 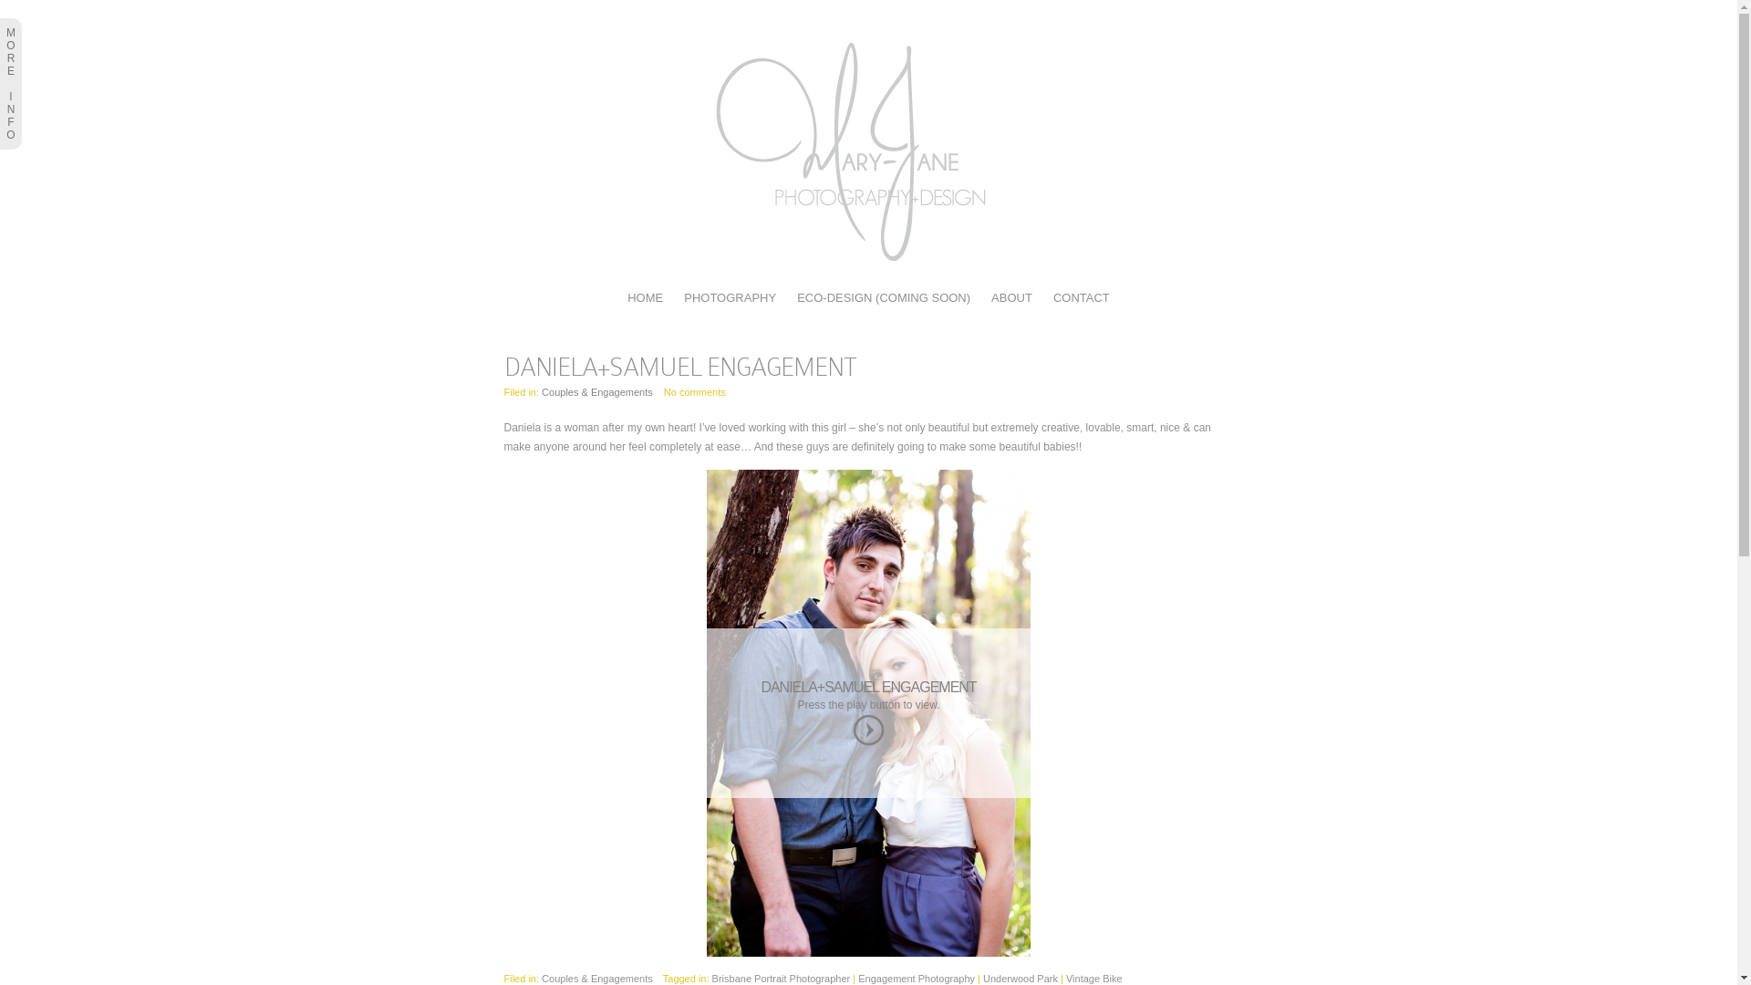 What do you see at coordinates (1081, 296) in the screenshot?
I see `'CONTACT'` at bounding box center [1081, 296].